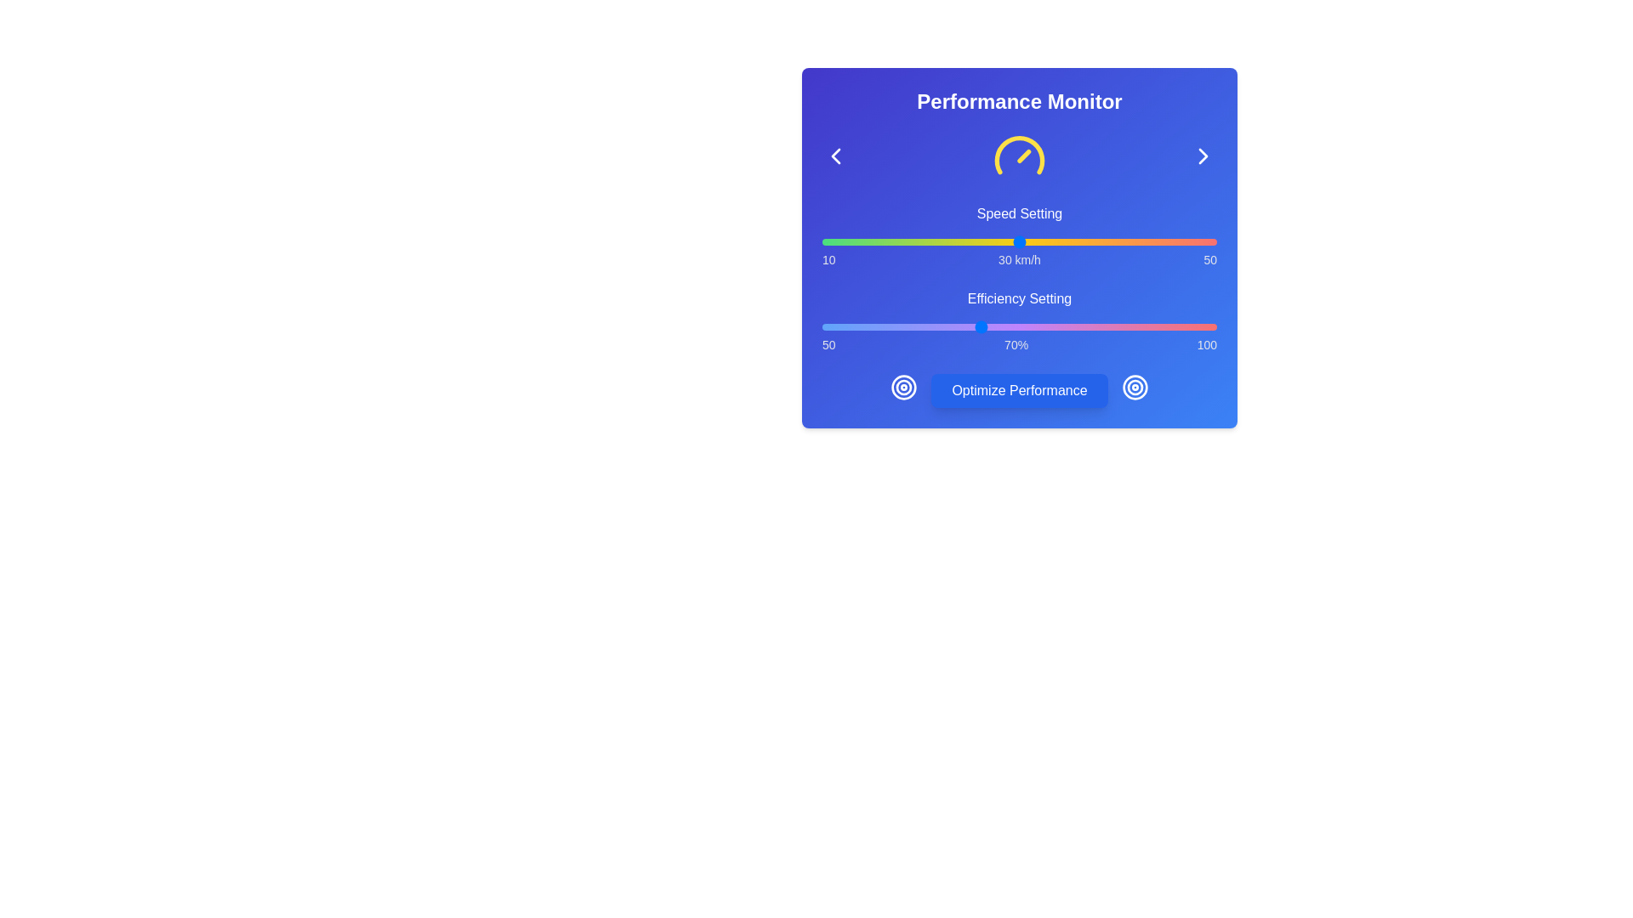 The height and width of the screenshot is (918, 1633). Describe the element at coordinates (1146, 327) in the screenshot. I see `the Efficiency slider to set the efficiency to 91%` at that location.